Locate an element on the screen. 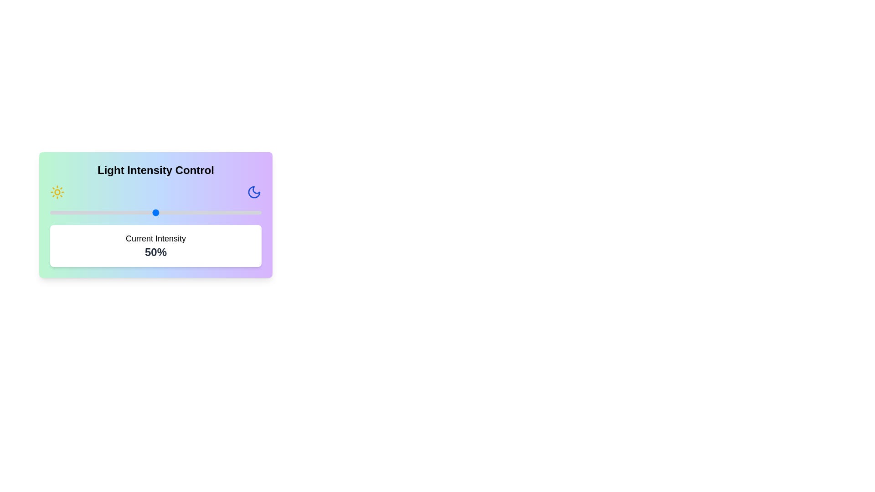  the small circle within the sun-like icon representing light or brightness control, located at the center of the sun icon on the left side of the 'Light Intensity Control' card is located at coordinates (57, 191).